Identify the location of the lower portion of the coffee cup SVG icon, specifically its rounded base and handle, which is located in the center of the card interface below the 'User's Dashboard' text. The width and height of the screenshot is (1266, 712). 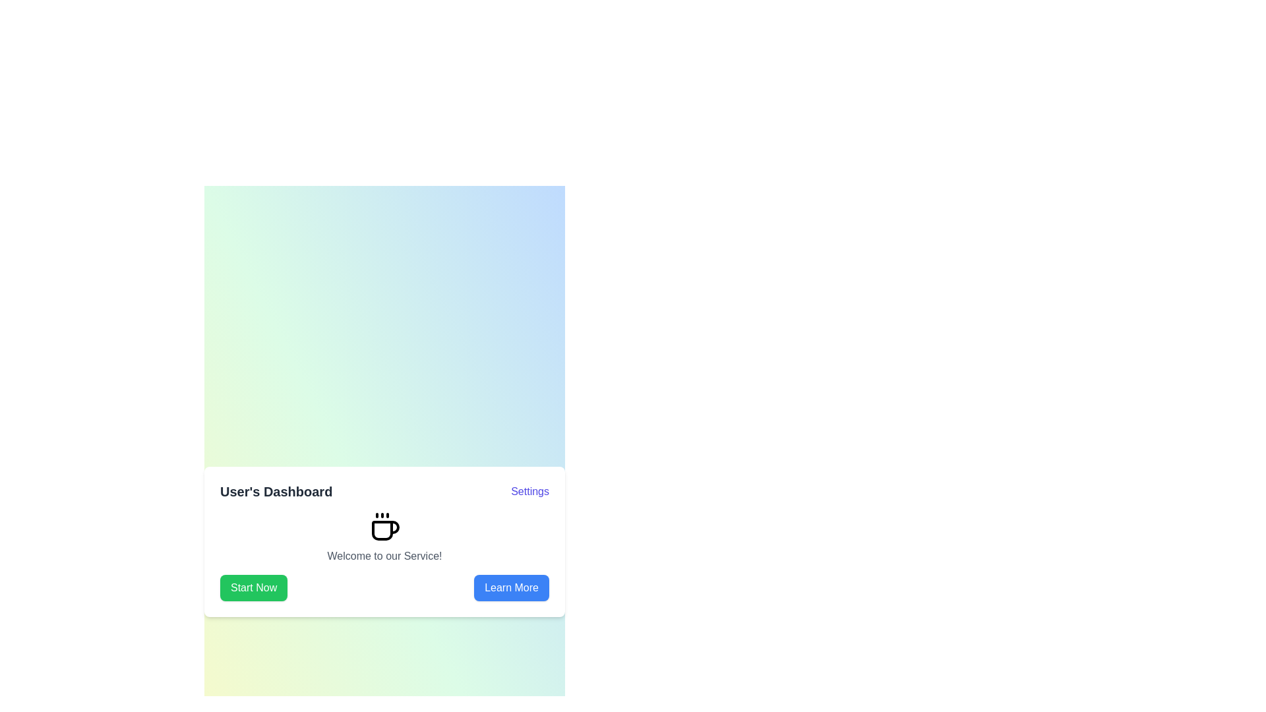
(384, 530).